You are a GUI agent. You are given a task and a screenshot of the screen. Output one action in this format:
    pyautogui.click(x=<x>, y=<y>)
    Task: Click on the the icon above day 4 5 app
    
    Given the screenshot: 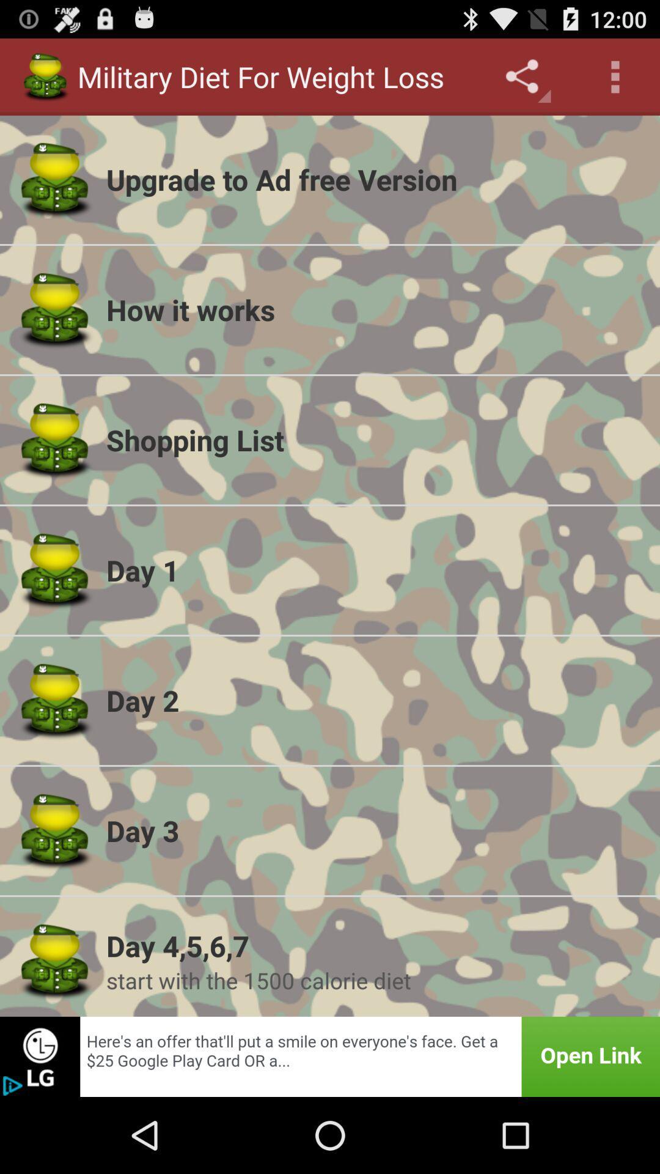 What is the action you would take?
    pyautogui.click(x=375, y=830)
    